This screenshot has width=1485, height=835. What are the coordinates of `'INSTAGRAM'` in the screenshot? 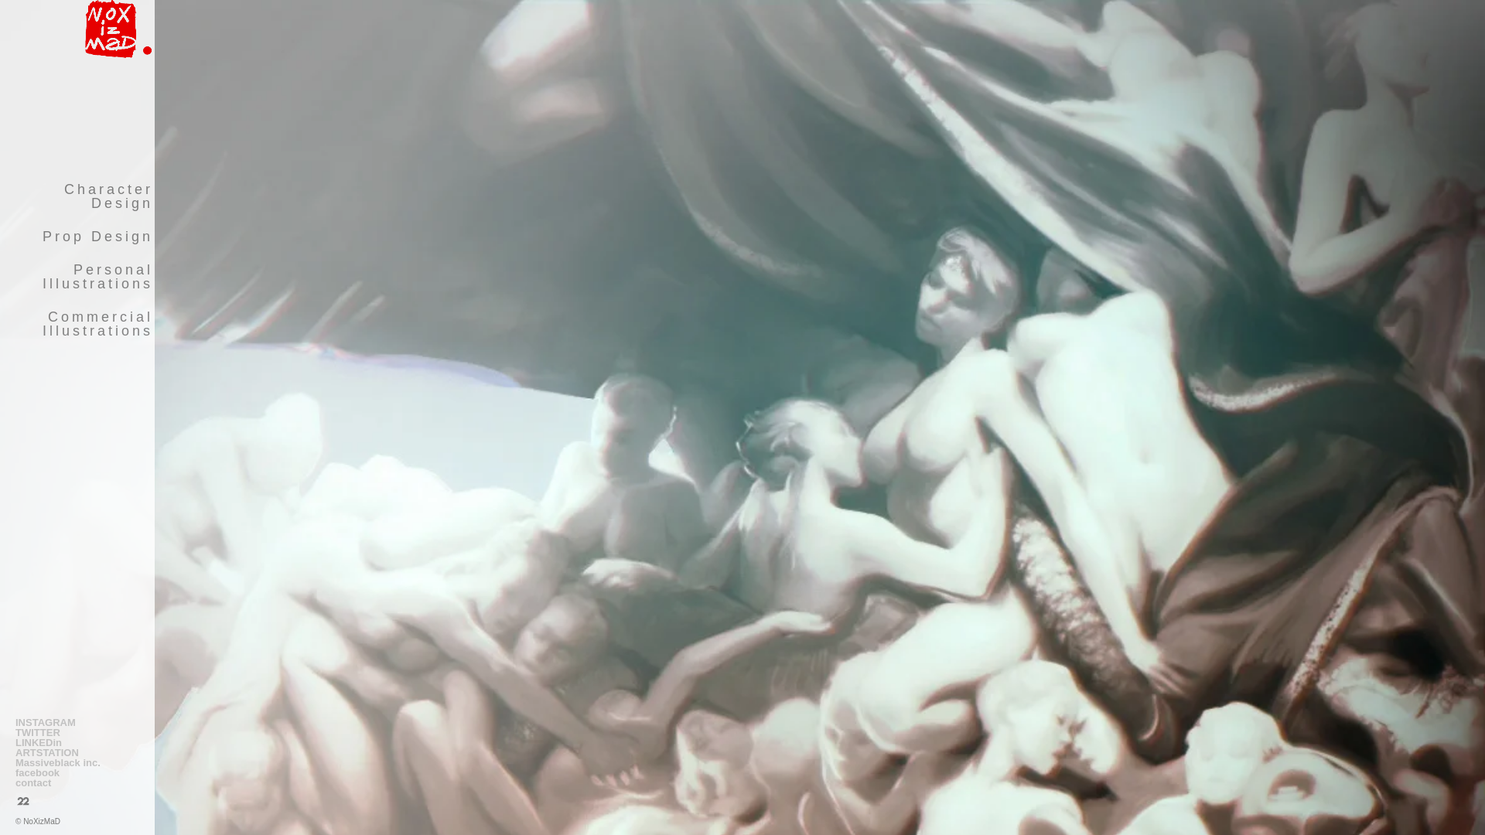 It's located at (77, 722).